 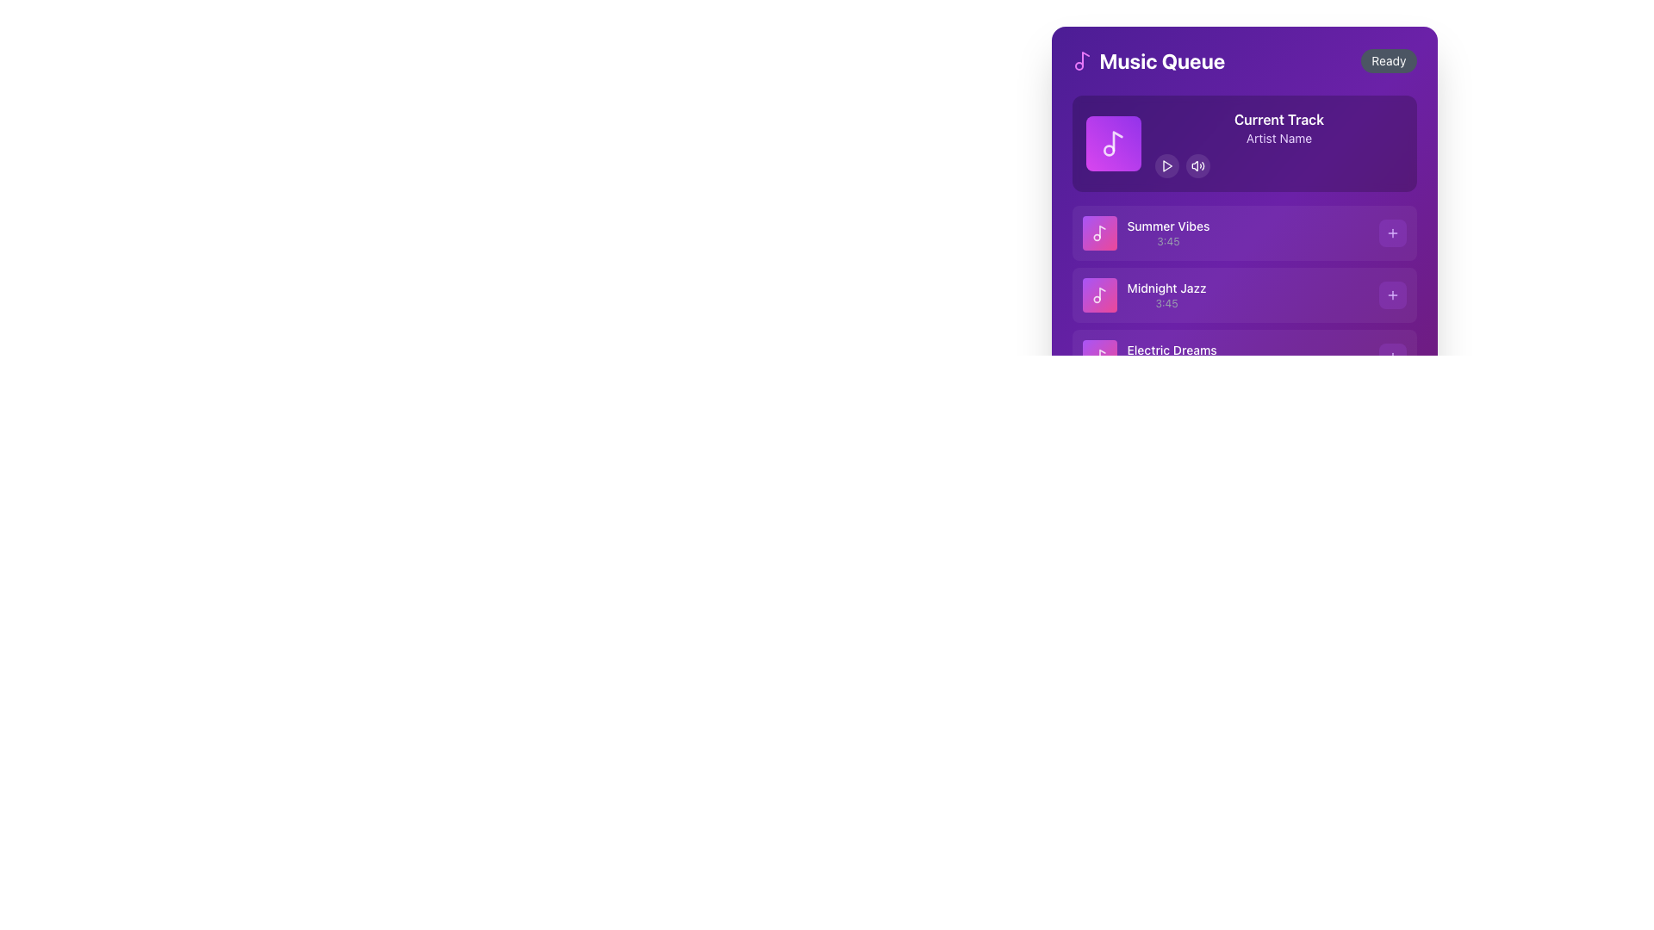 I want to click on the music track icon located in the second row of the 'Music Queue' section, which is visually represented by a gradient-colored circular background transitioning from purple to pink, so click(x=1098, y=294).